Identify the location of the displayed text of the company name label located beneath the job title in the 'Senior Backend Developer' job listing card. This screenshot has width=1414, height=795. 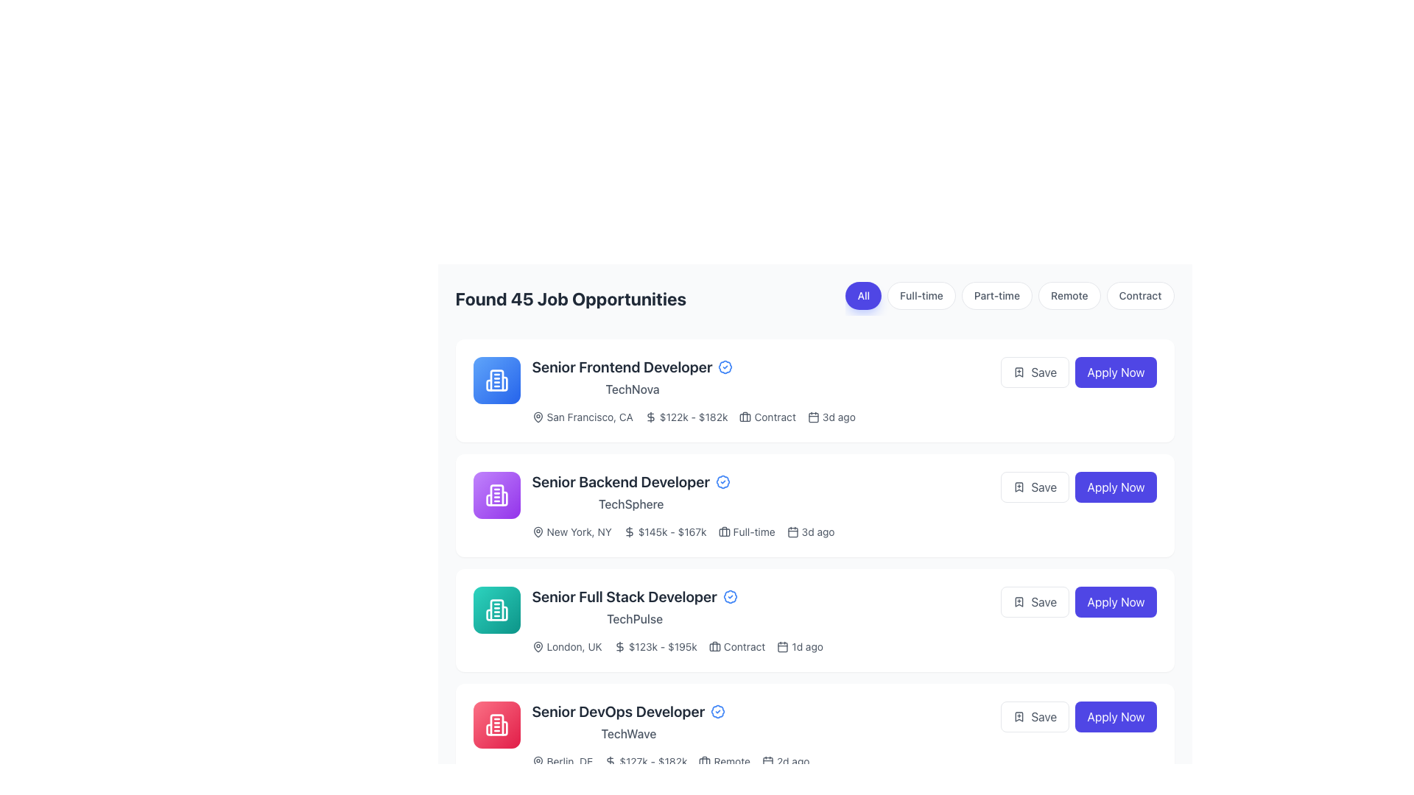
(631, 504).